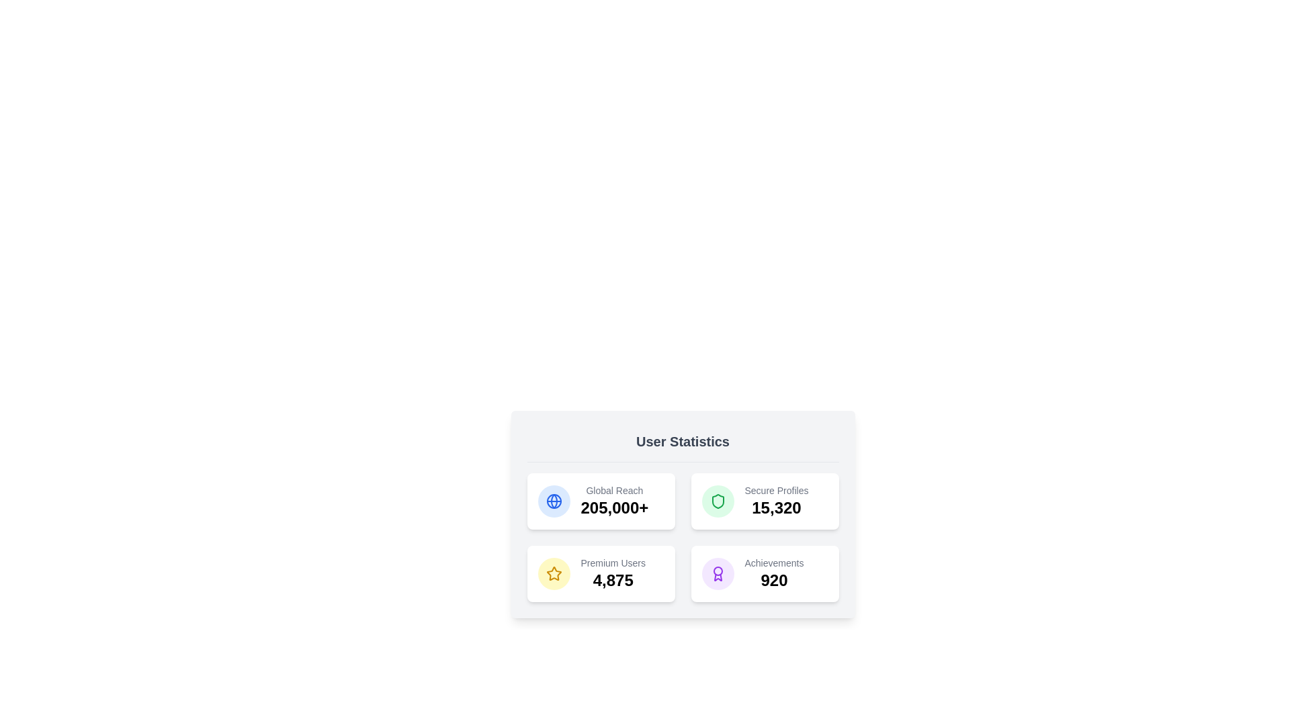 Image resolution: width=1290 pixels, height=725 pixels. Describe the element at coordinates (774, 579) in the screenshot. I see `the Text label displaying the user's achievements, located in the bottom-right corner of the user statistics panel, directly below the 'Achievements' label` at that location.